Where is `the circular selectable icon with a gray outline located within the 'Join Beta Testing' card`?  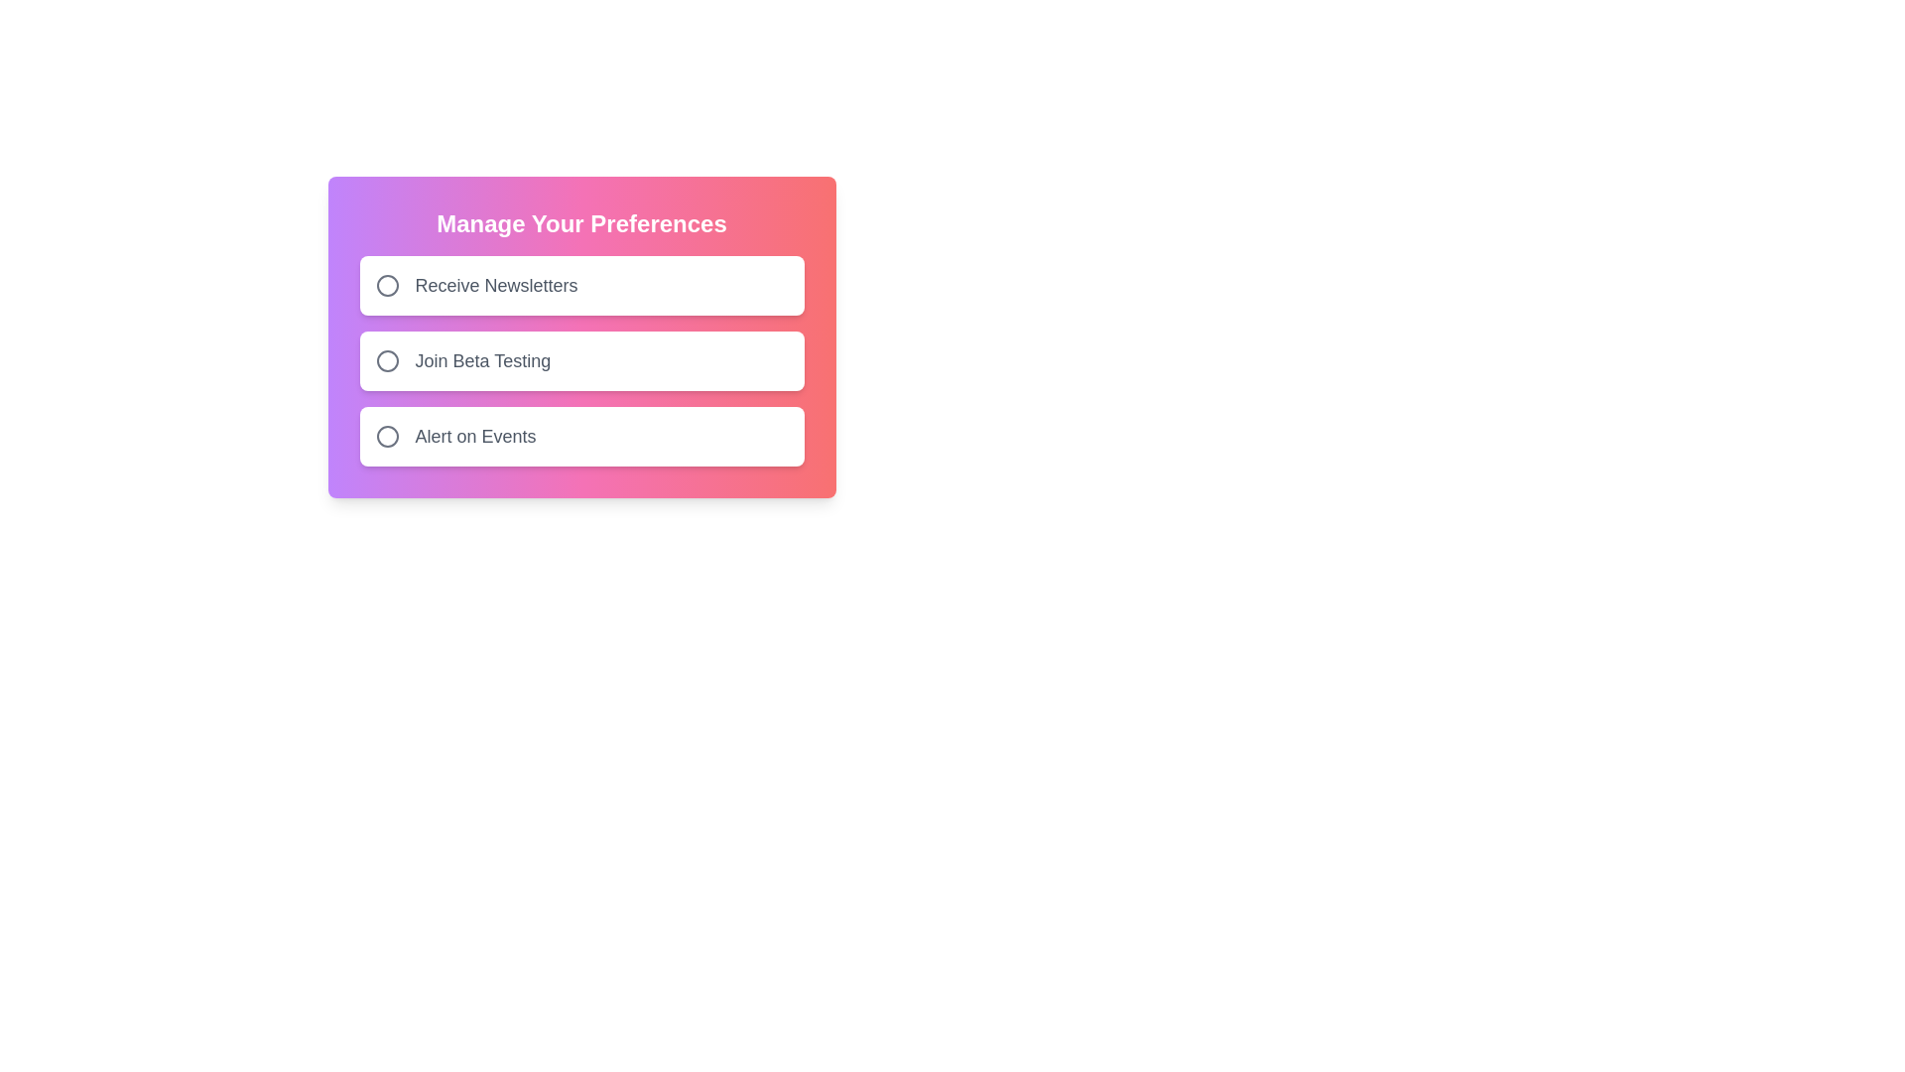 the circular selectable icon with a gray outline located within the 'Join Beta Testing' card is located at coordinates (387, 360).